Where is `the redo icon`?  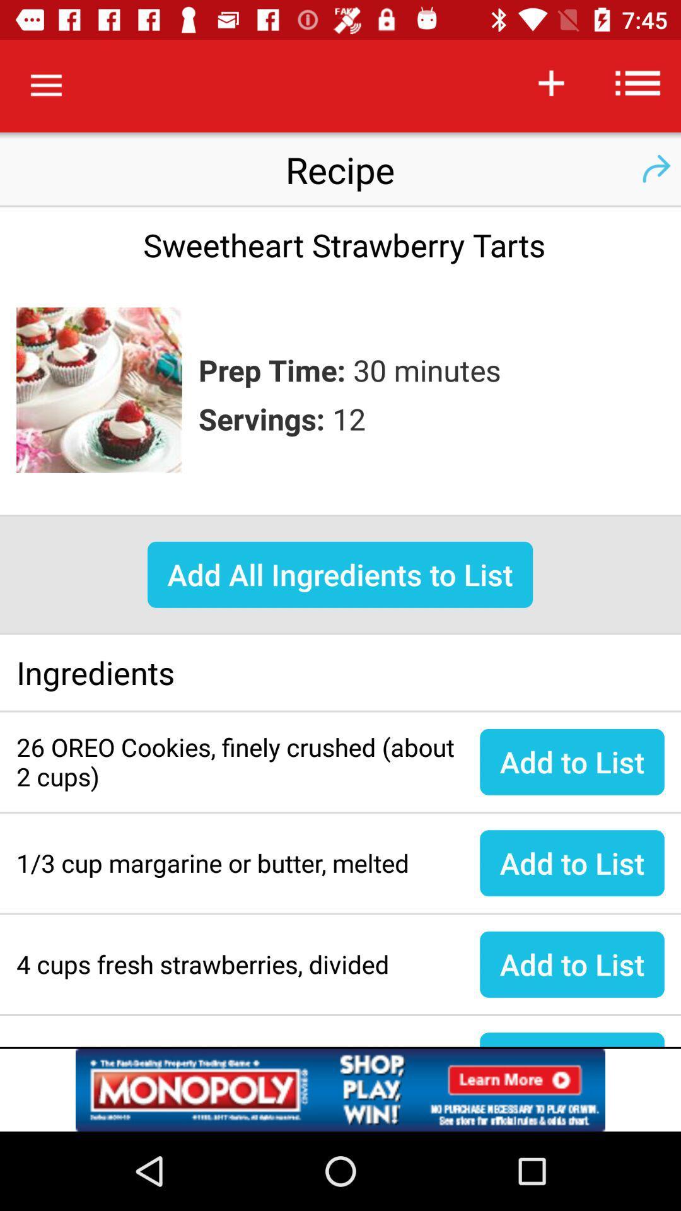
the redo icon is located at coordinates (655, 168).